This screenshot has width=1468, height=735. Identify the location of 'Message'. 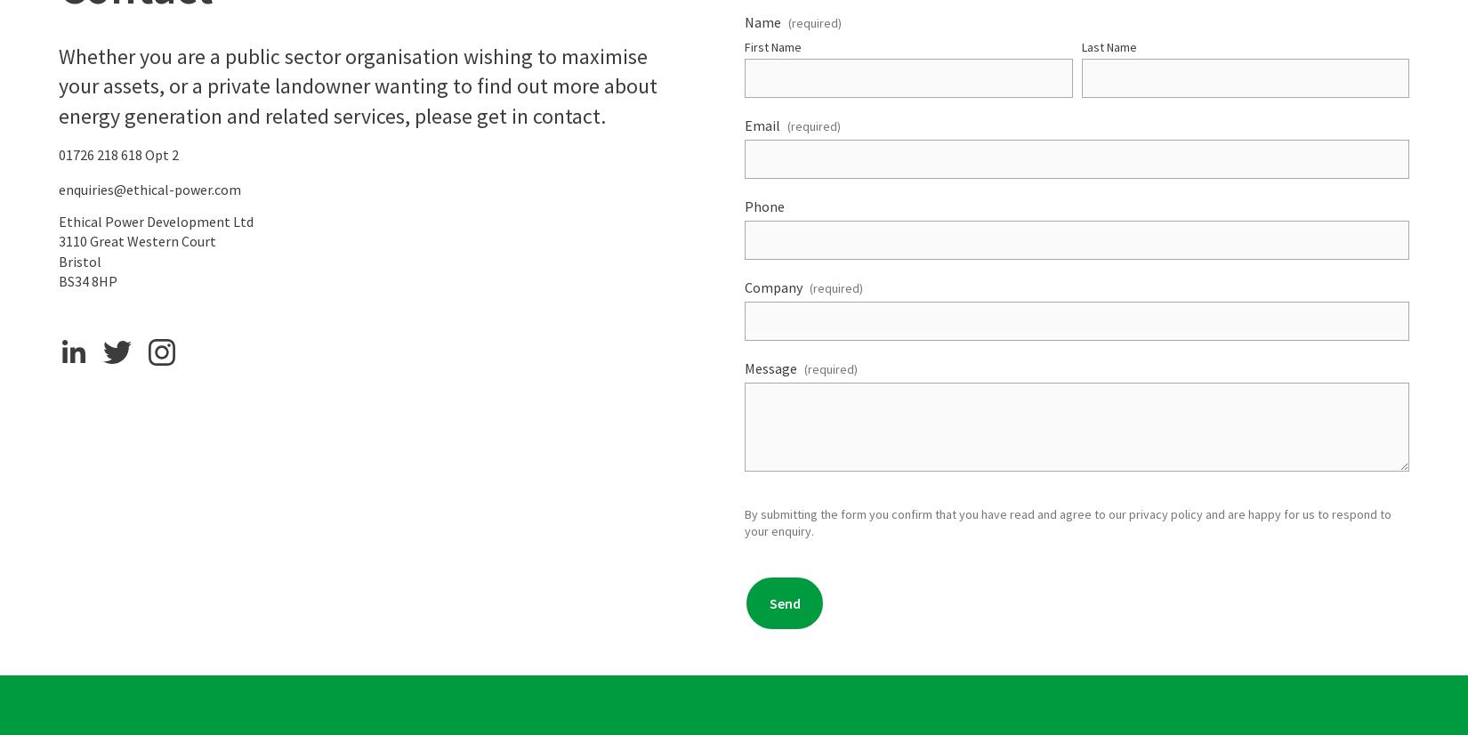
(770, 367).